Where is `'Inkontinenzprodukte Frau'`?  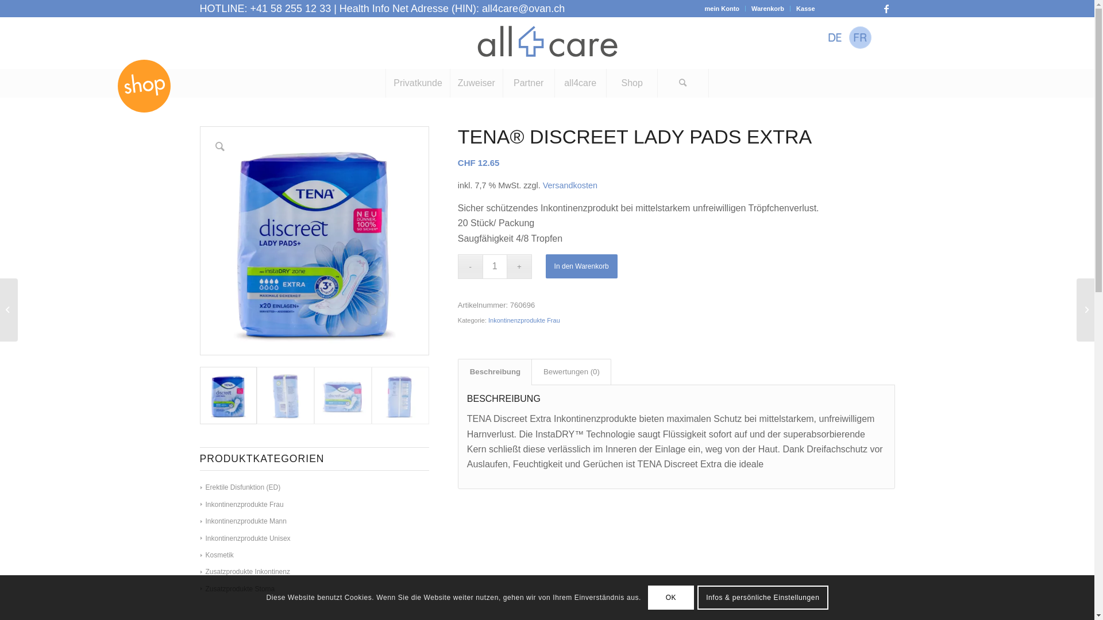
'Inkontinenzprodukte Frau' is located at coordinates (241, 504).